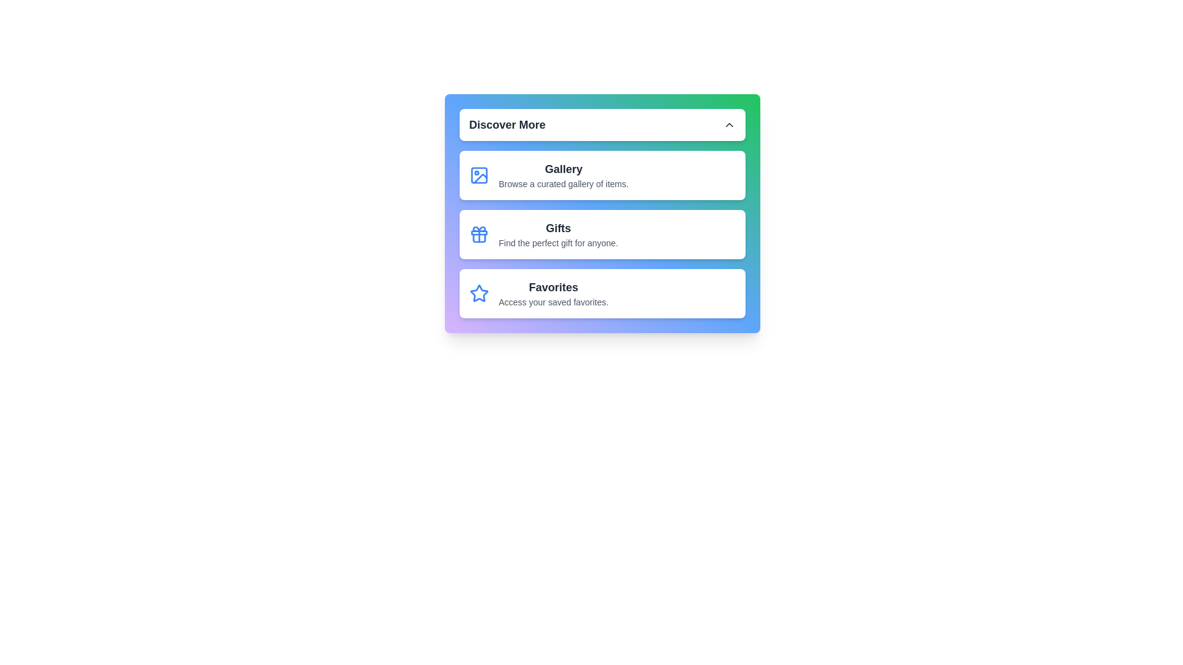  What do you see at coordinates (498, 278) in the screenshot?
I see `the text content of the menu item Favorites` at bounding box center [498, 278].